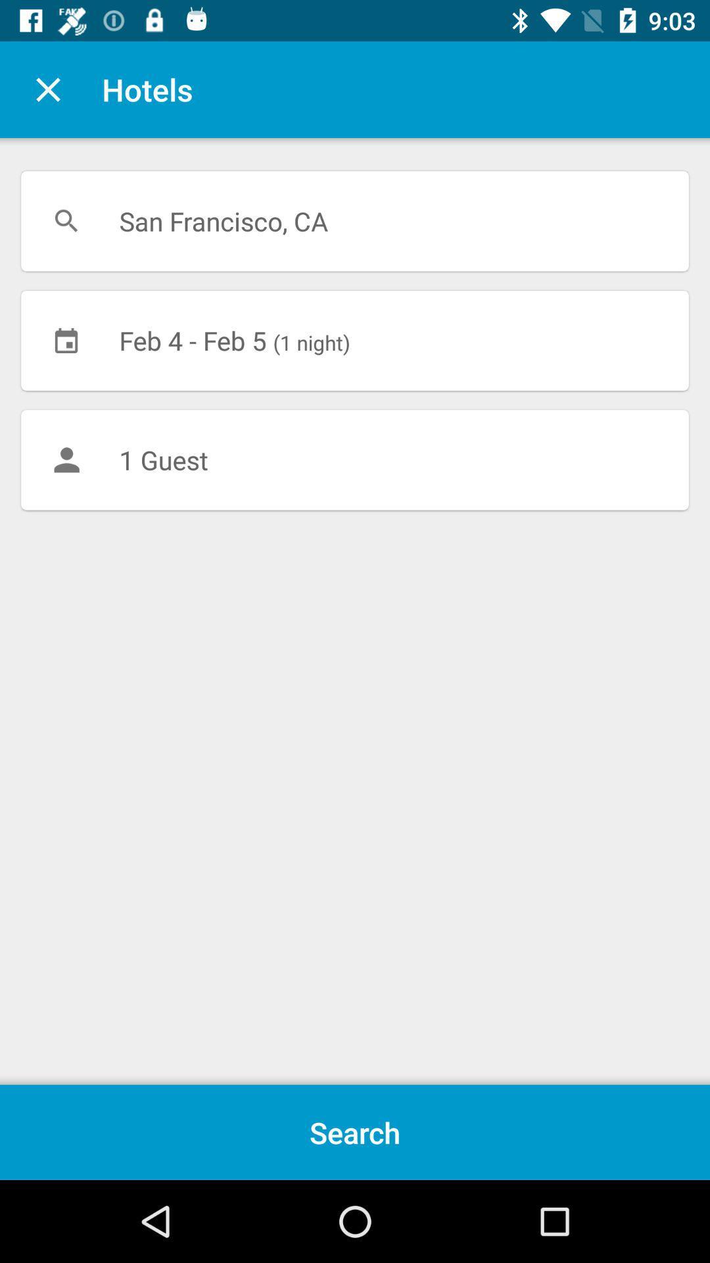 Image resolution: width=710 pixels, height=1263 pixels. Describe the element at coordinates (355, 340) in the screenshot. I see `the feb 4 feb icon` at that location.